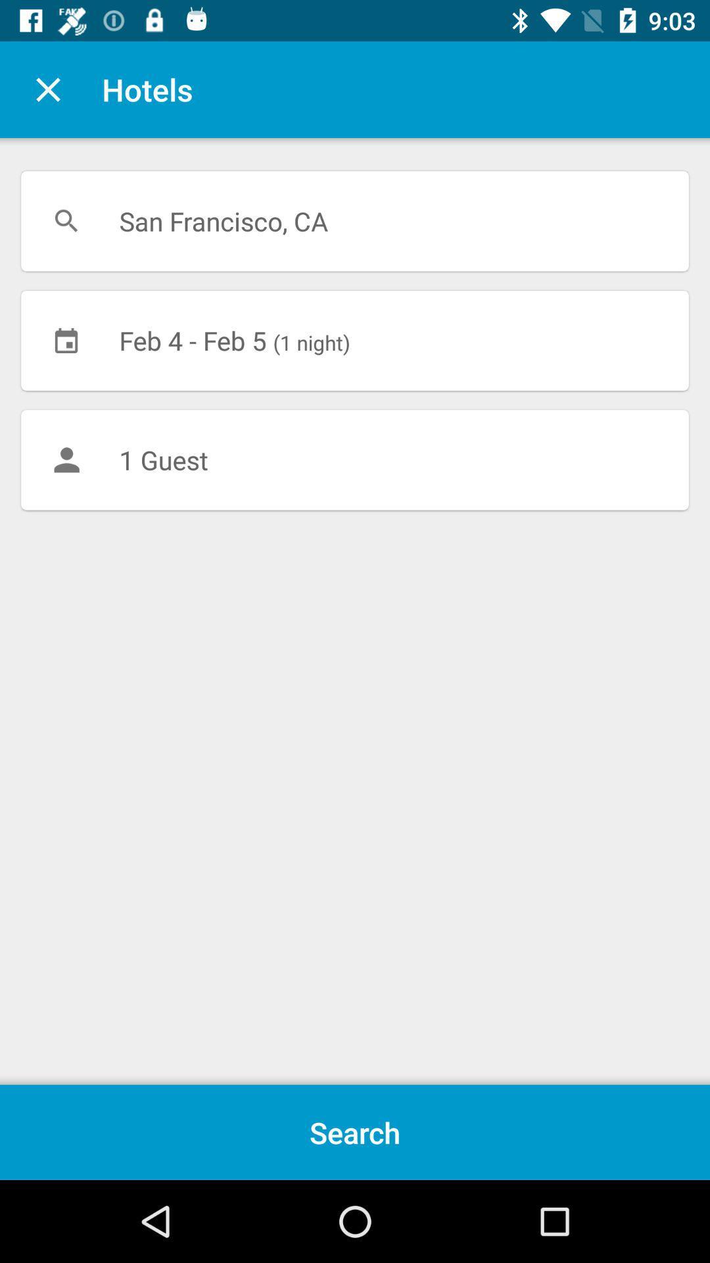 Image resolution: width=710 pixels, height=1263 pixels. Describe the element at coordinates (355, 340) in the screenshot. I see `the feb 4 feb icon` at that location.